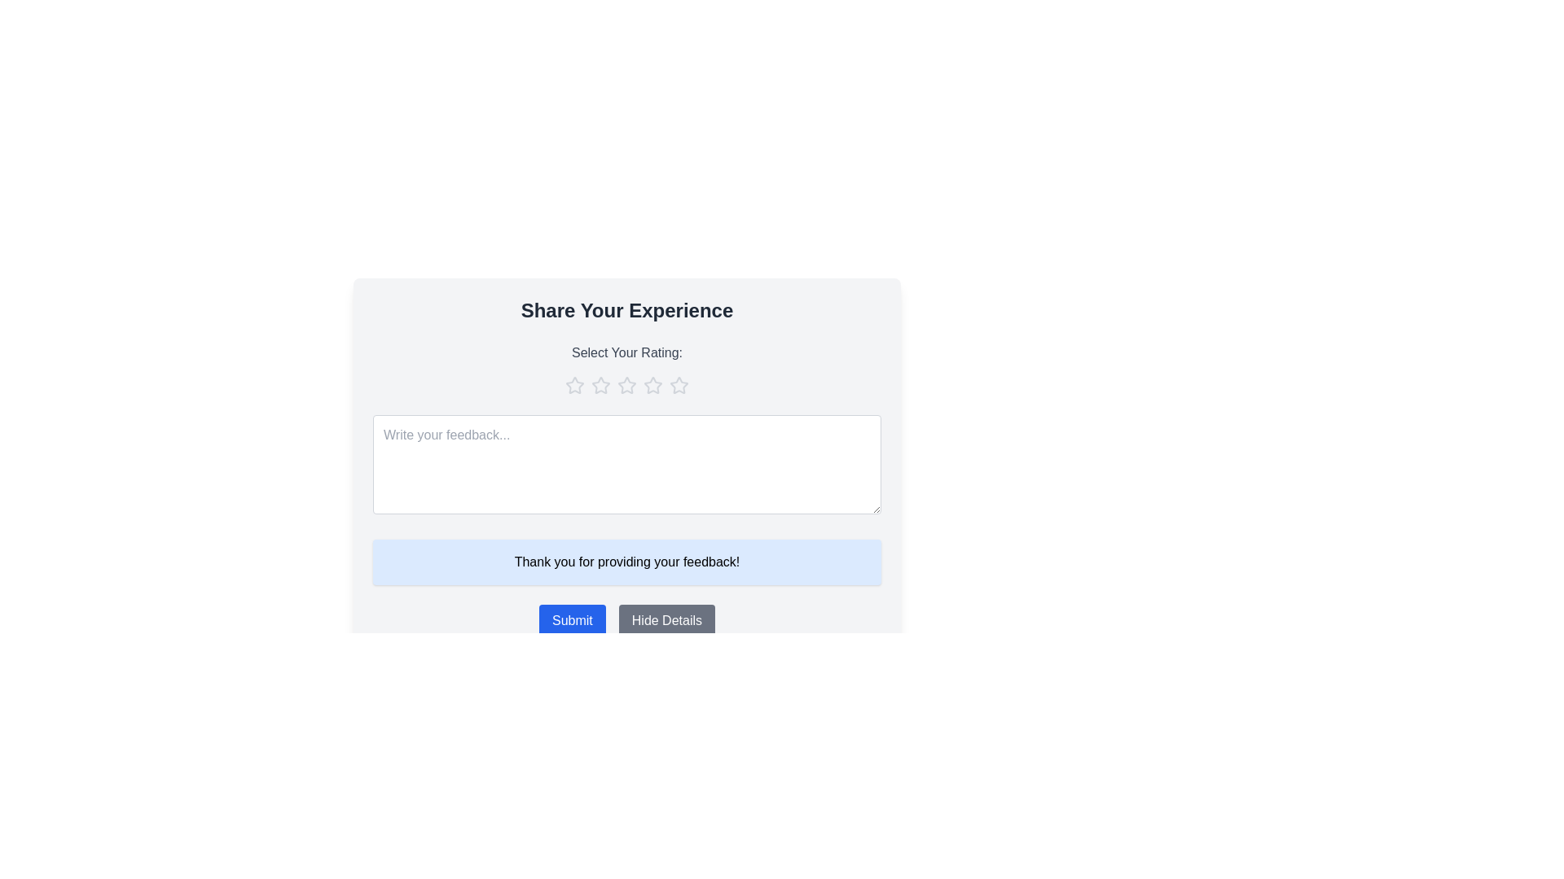  Describe the element at coordinates (574, 386) in the screenshot. I see `the first star icon in the star rating element` at that location.